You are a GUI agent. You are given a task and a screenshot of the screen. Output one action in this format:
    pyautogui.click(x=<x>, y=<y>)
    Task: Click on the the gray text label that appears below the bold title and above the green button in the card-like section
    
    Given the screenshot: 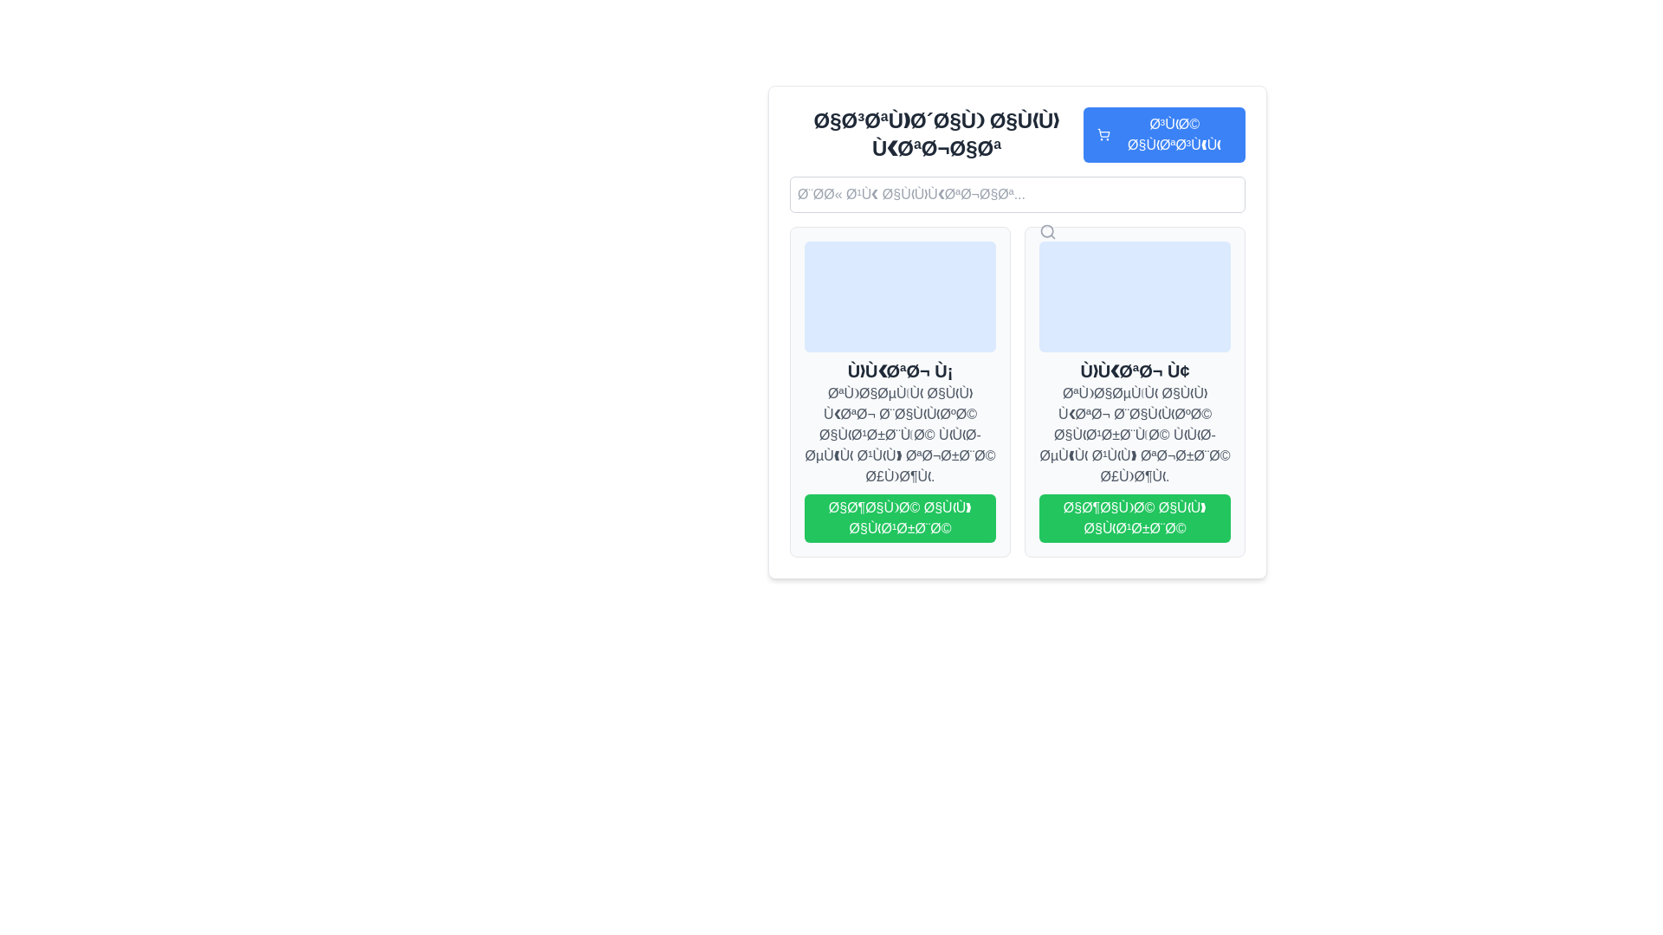 What is the action you would take?
    pyautogui.click(x=900, y=434)
    